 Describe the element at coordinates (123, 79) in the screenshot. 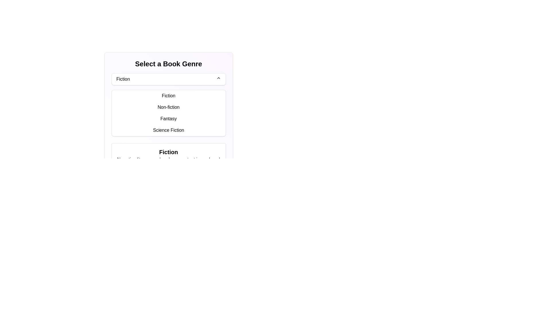

I see `the text 'Fiction' in the dropdown menu titled 'Select a Book Genre'` at that location.